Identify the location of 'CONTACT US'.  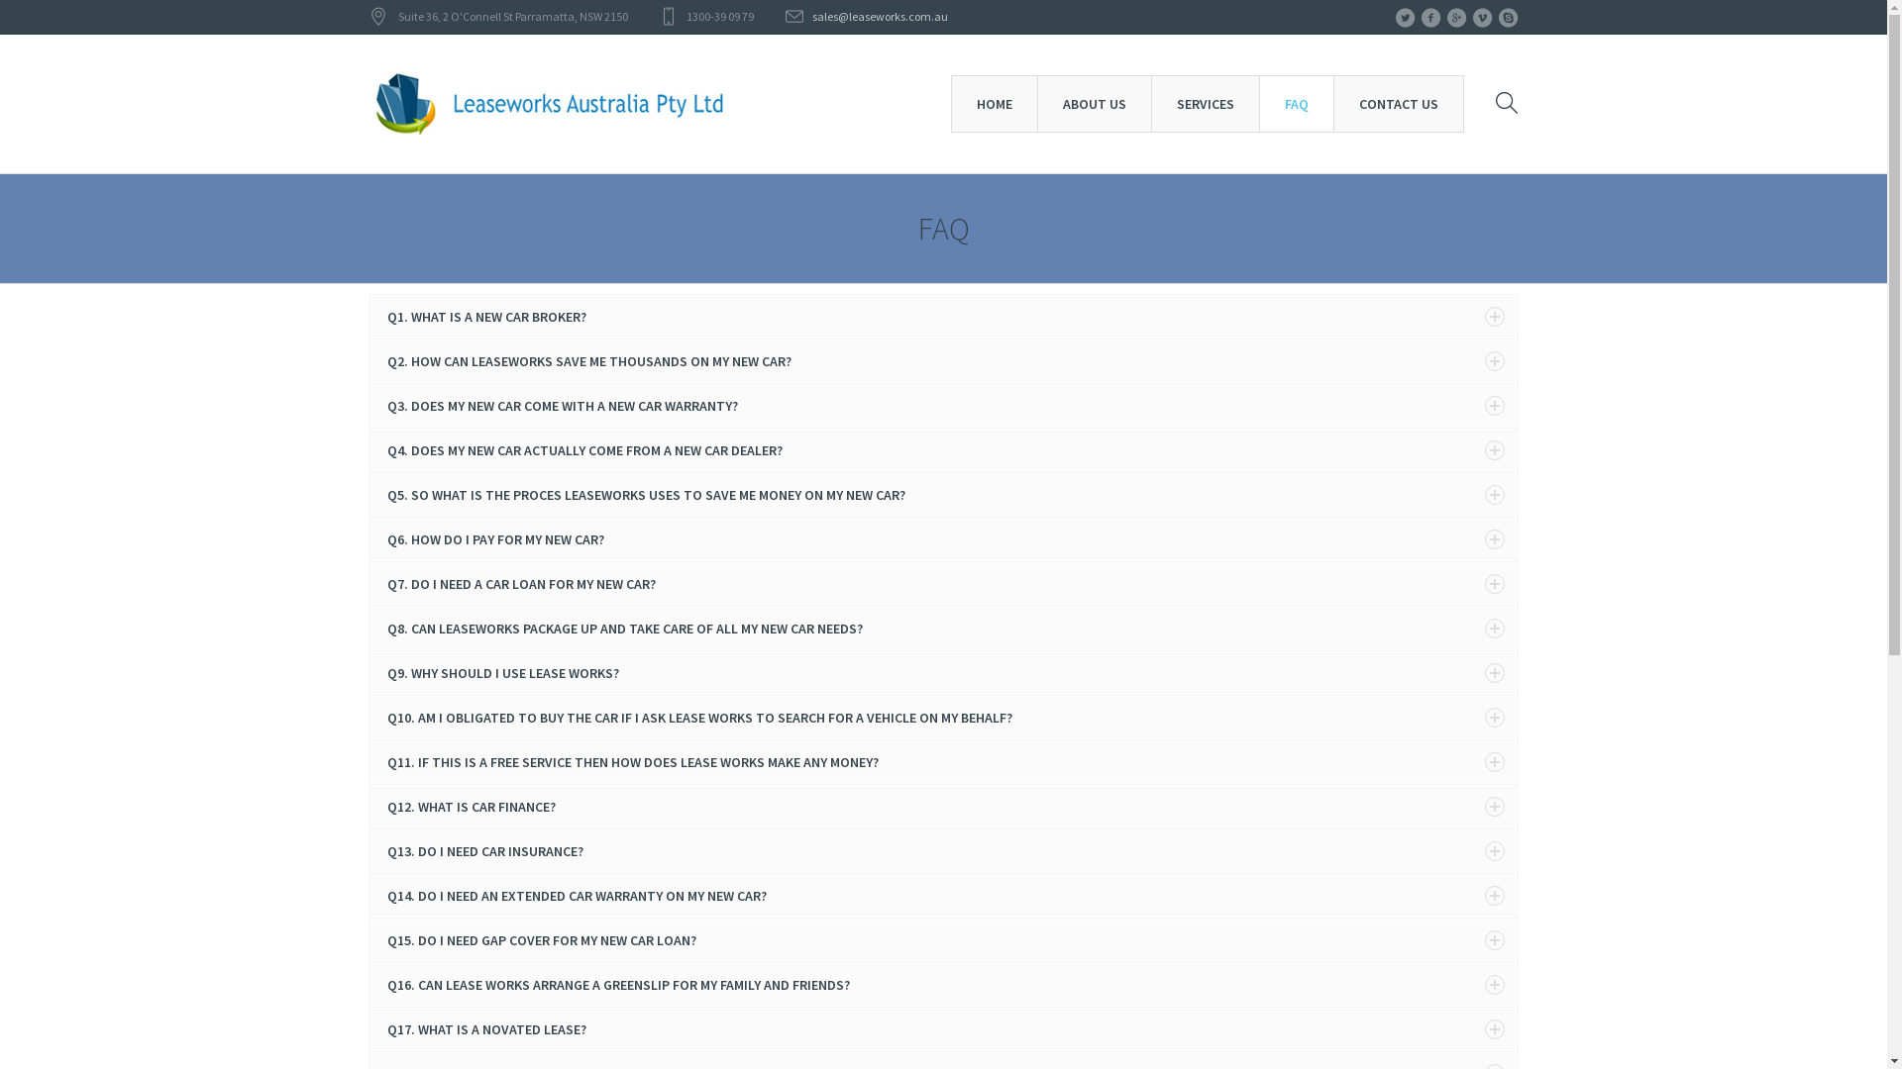
(1397, 103).